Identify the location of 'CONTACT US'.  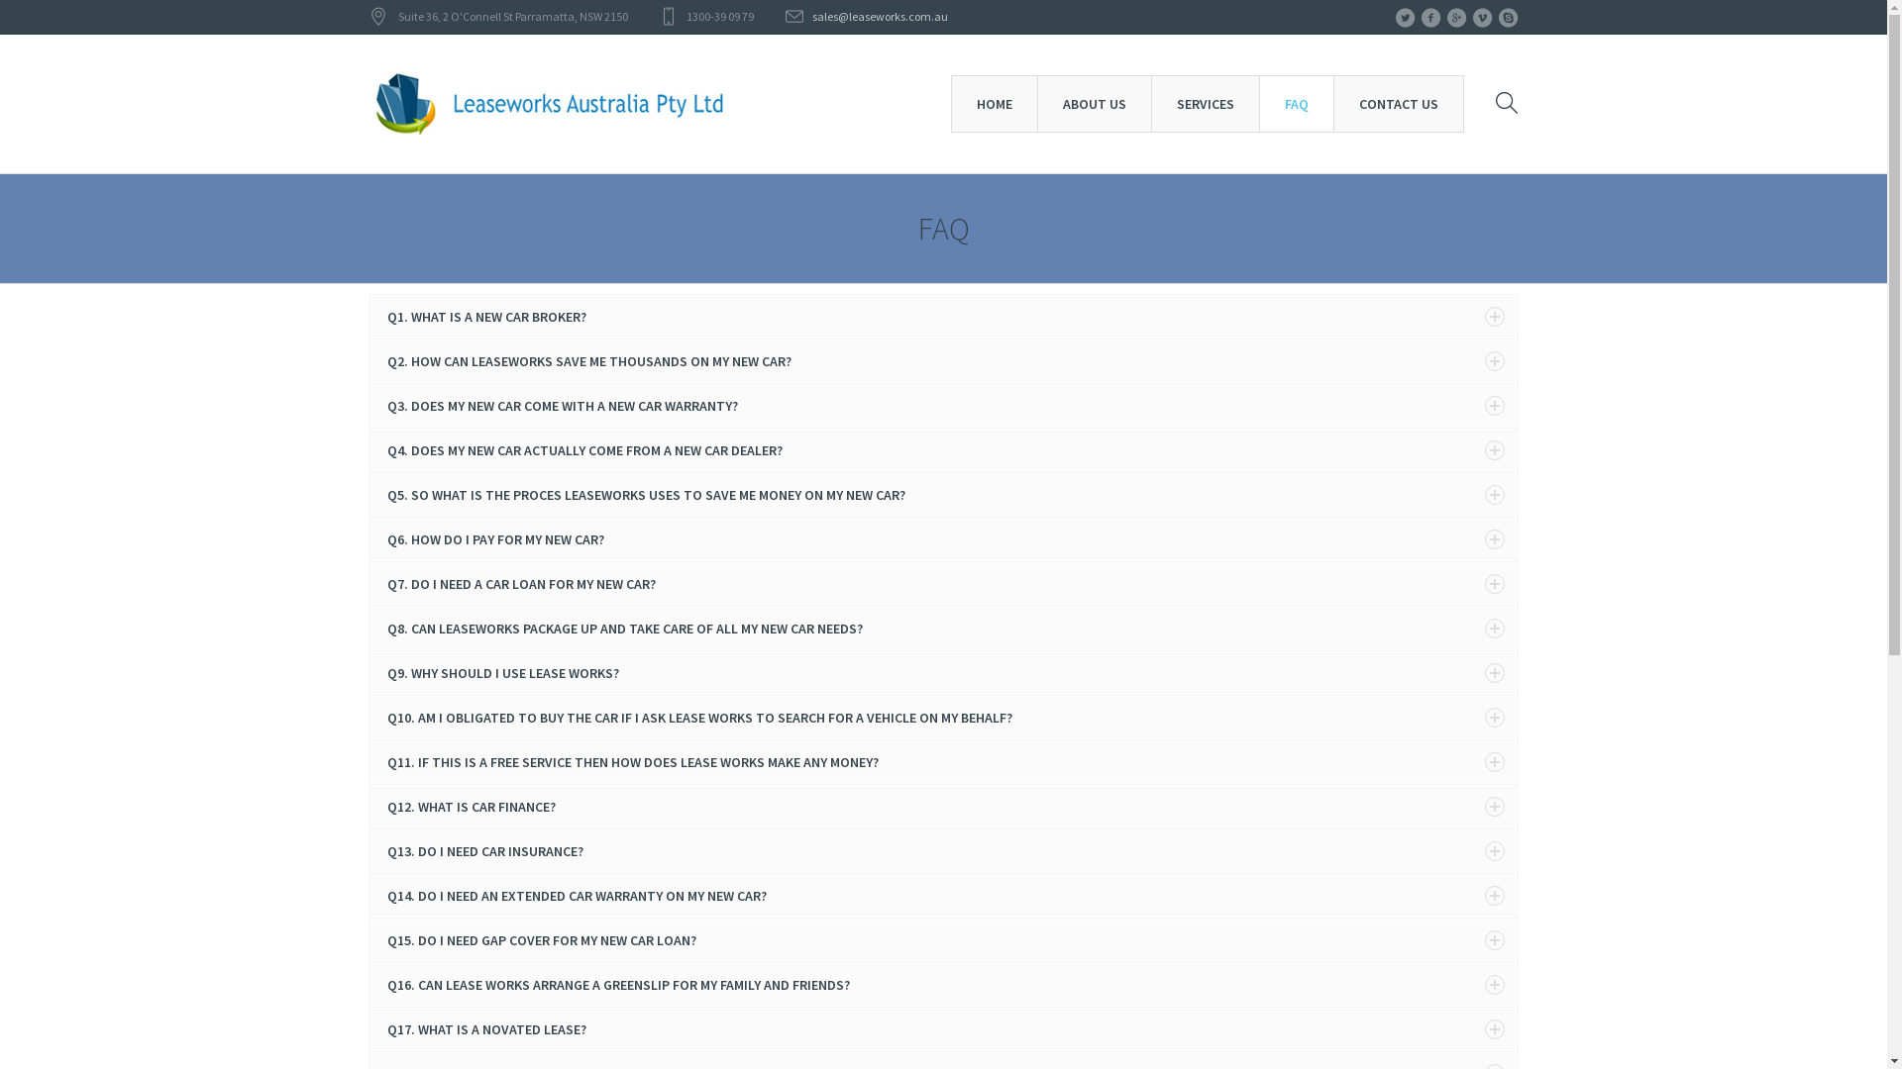
(1397, 103).